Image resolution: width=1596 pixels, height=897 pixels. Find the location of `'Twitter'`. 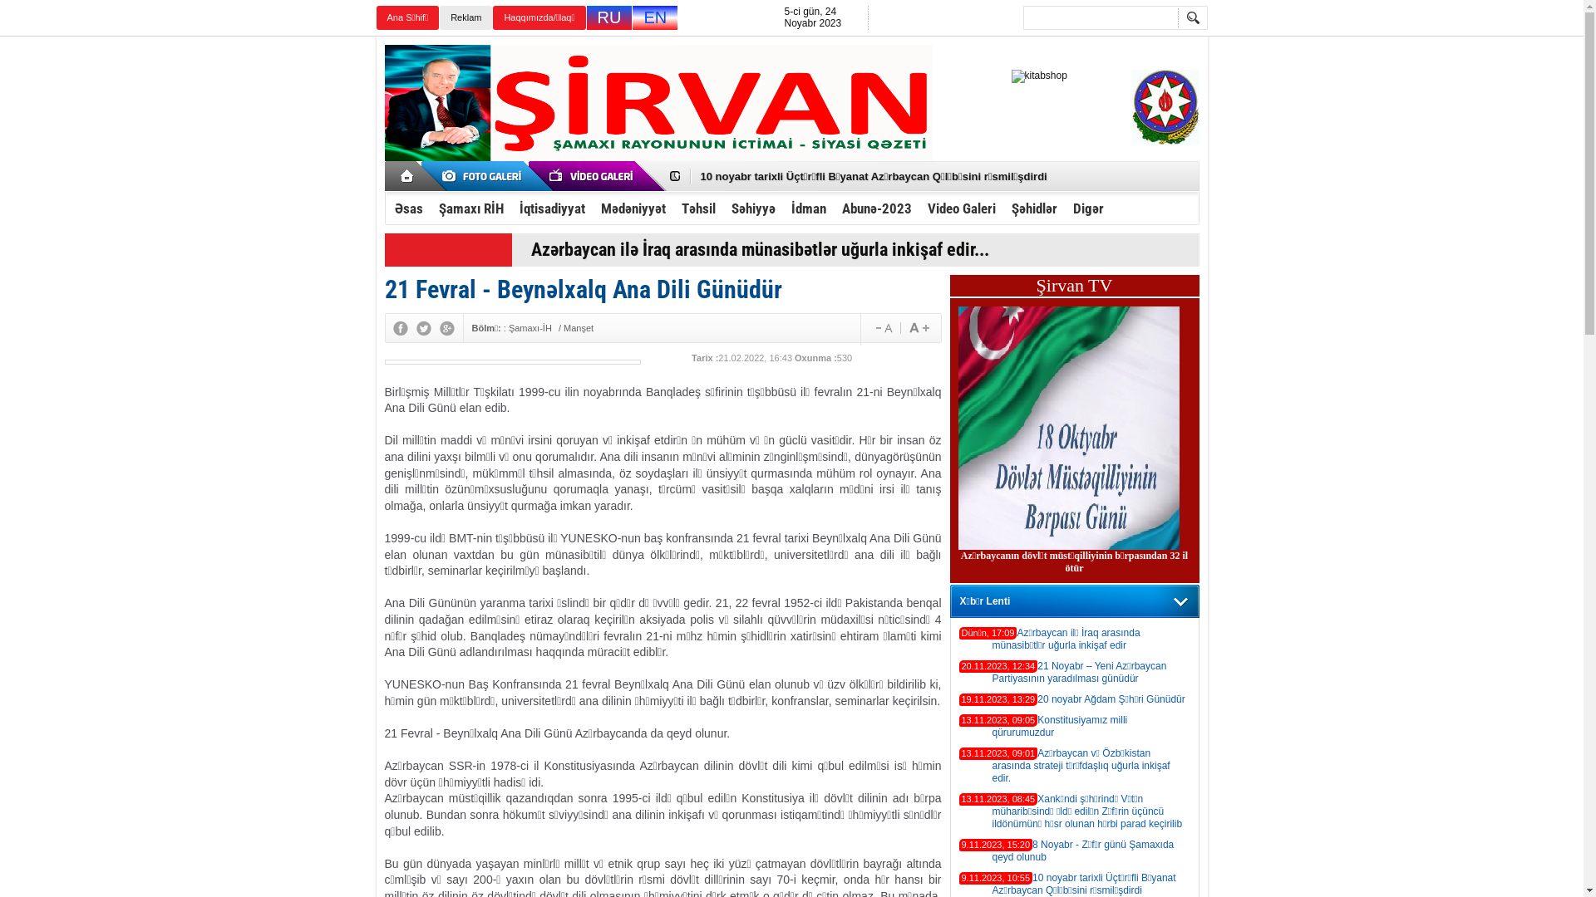

'Twitter' is located at coordinates (422, 327).